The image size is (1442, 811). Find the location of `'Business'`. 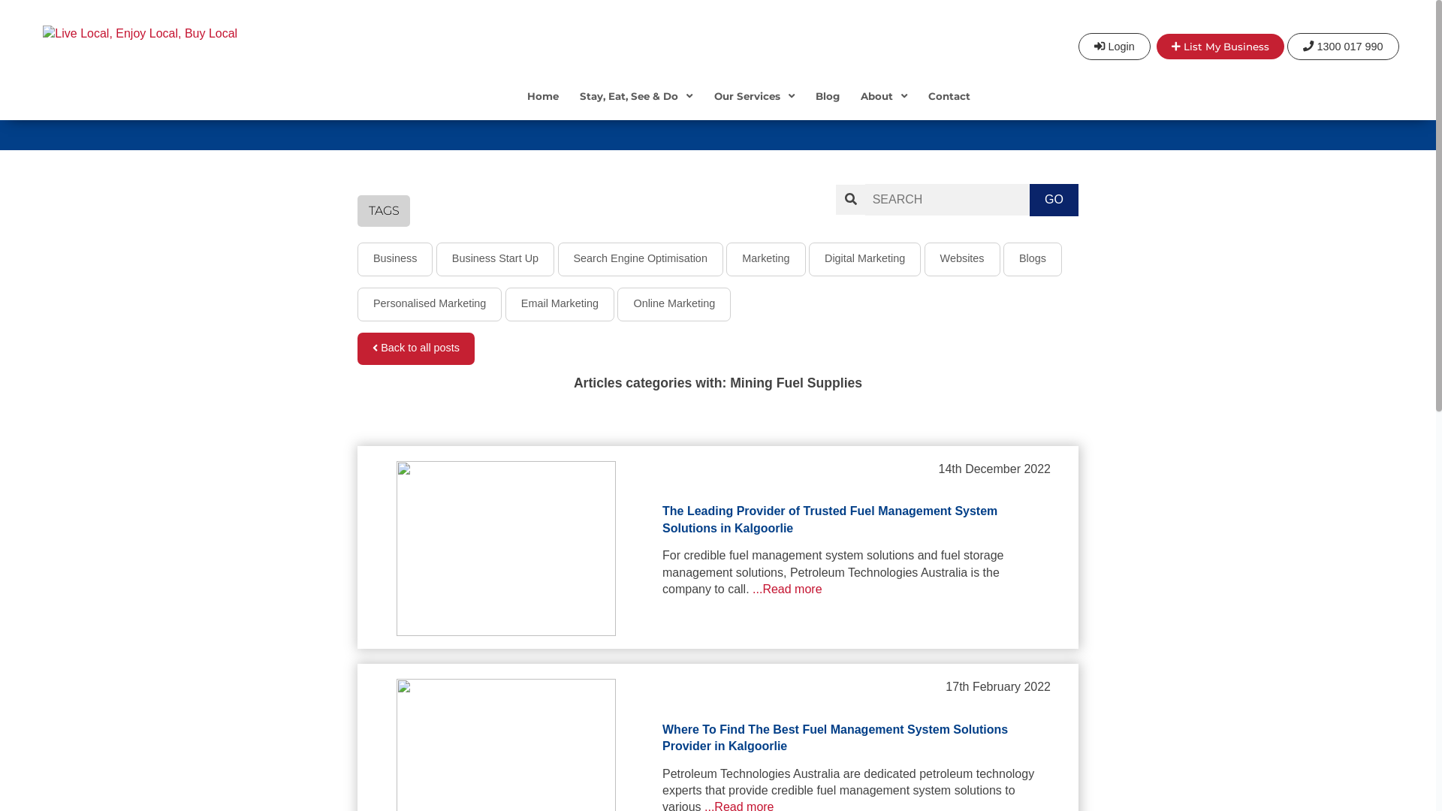

'Business' is located at coordinates (395, 258).